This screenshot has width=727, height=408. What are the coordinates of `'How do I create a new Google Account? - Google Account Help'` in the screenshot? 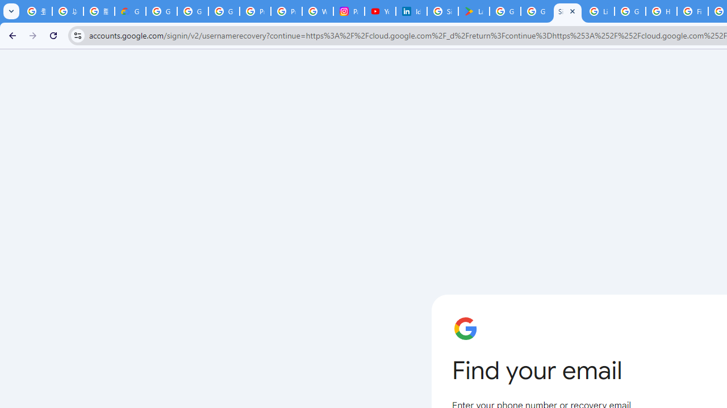 It's located at (661, 11).